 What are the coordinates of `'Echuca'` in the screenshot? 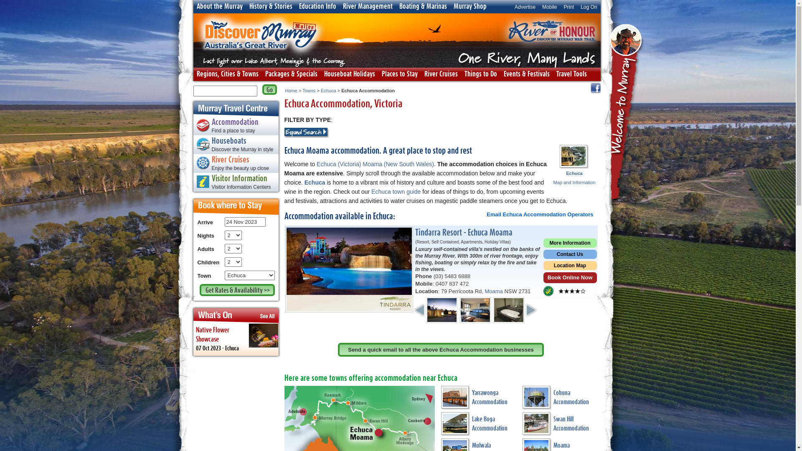 It's located at (328, 90).